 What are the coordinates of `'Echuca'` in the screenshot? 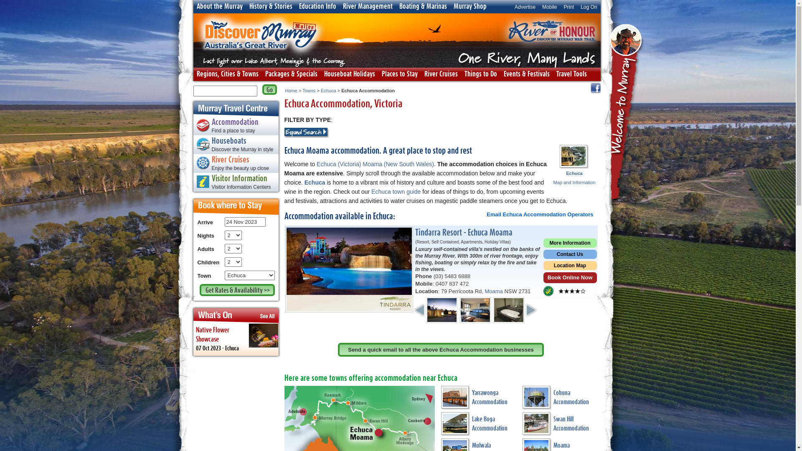 It's located at (328, 90).